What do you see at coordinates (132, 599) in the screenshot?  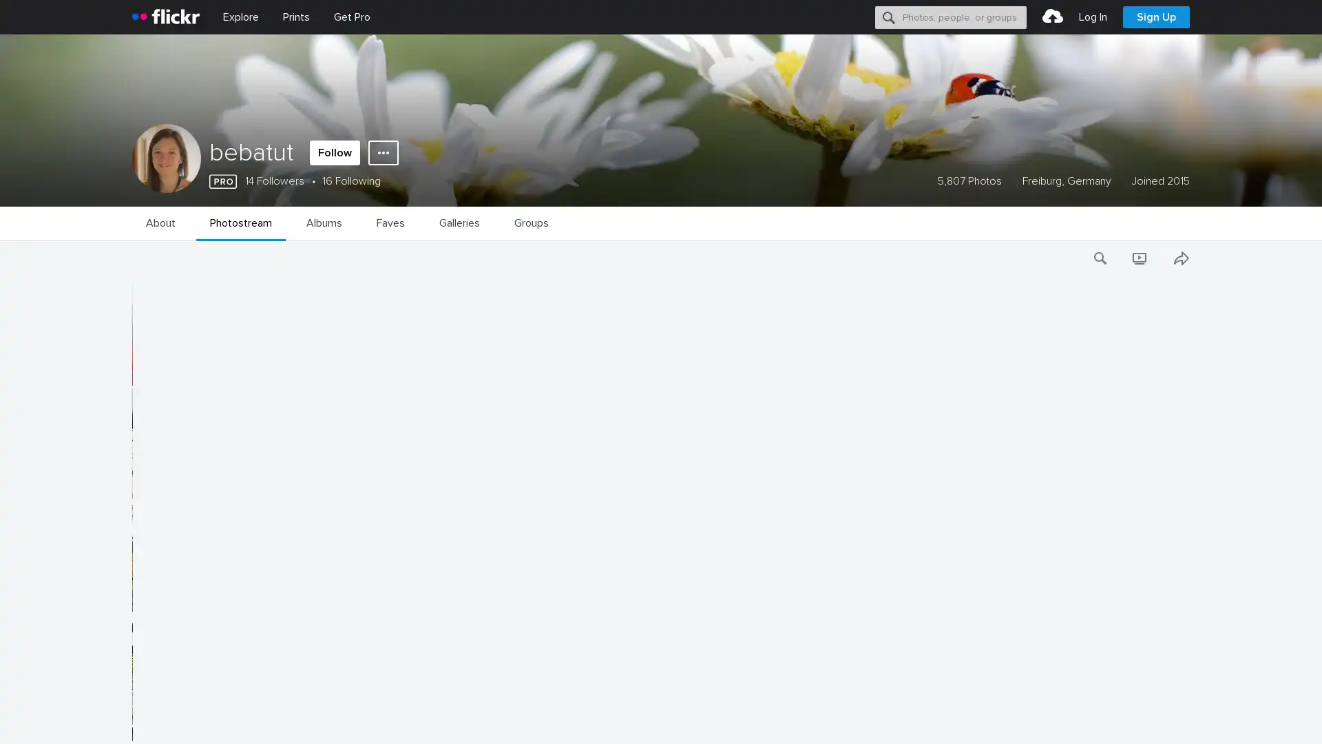 I see `Add to Favorites` at bounding box center [132, 599].